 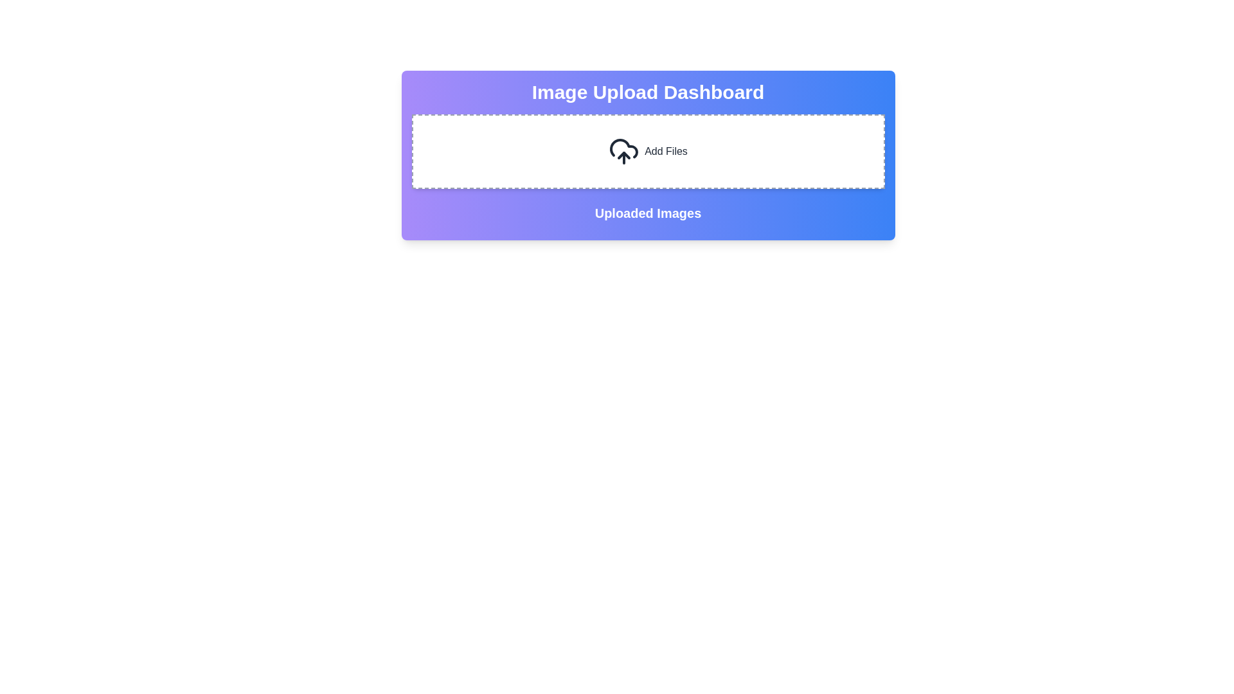 I want to click on the 'Add Files' text label, which is displayed in black font and is located near the right side of a dashed border rectangle, aligned with an upload icon to its left, so click(x=666, y=150).